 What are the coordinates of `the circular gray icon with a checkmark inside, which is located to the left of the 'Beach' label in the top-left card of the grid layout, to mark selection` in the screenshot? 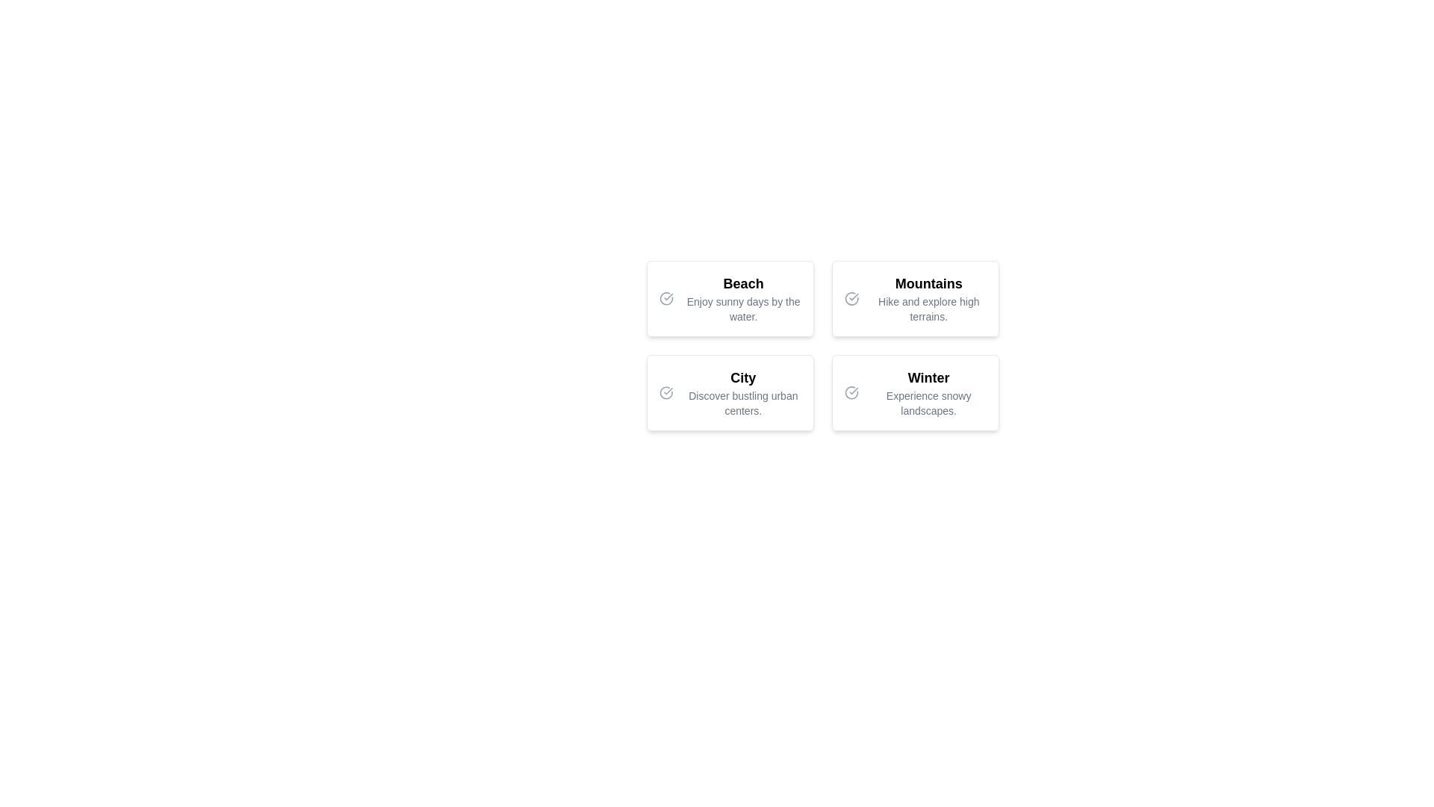 It's located at (665, 299).